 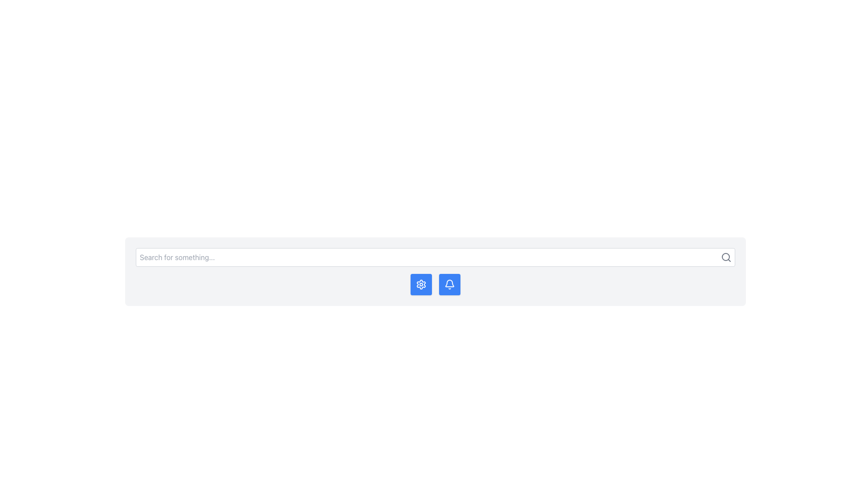 I want to click on the input field of the Search Bar located centrally at the top of the interface to focus on it for user input, so click(x=436, y=257).